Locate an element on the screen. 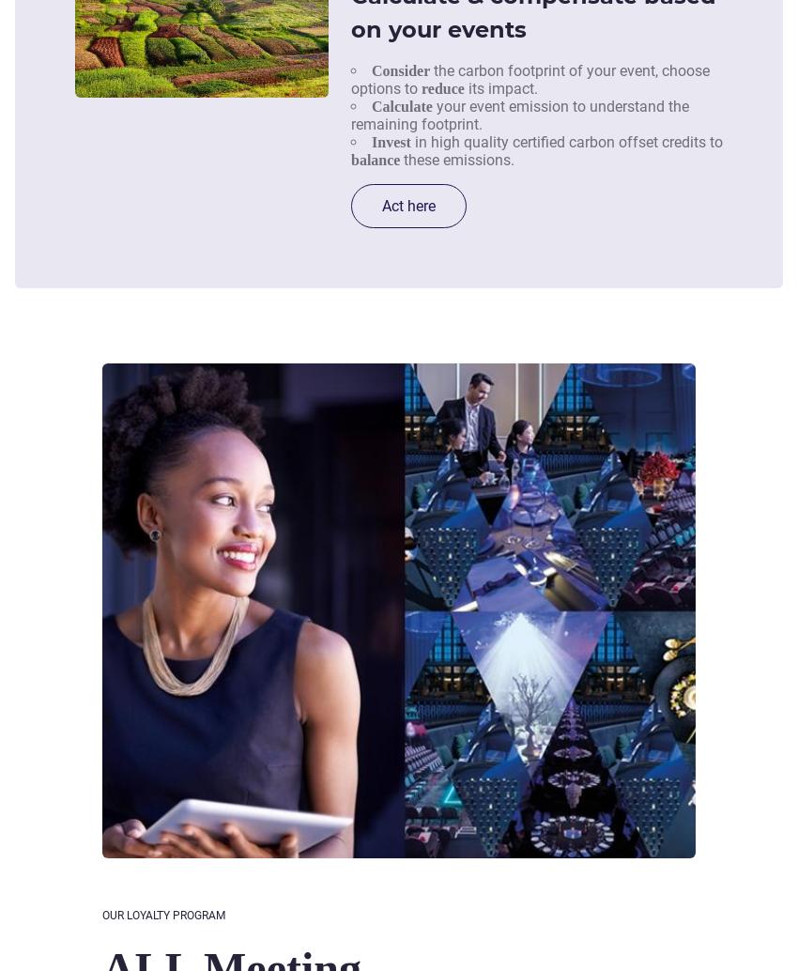  'your event emission to understand the remaining footprint.' is located at coordinates (518, 115).